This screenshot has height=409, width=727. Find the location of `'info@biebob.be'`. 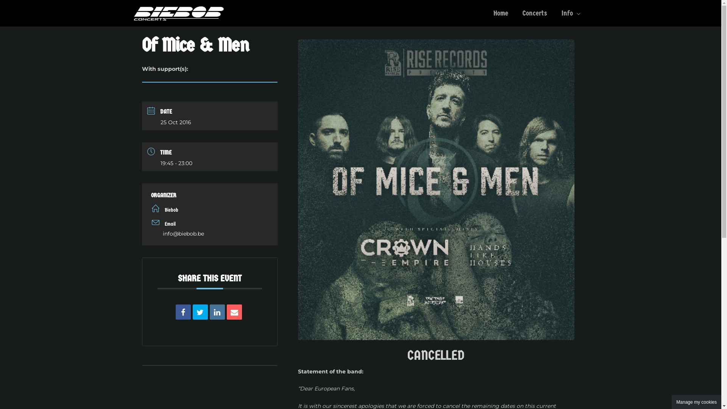

'info@biebob.be' is located at coordinates (147, 233).